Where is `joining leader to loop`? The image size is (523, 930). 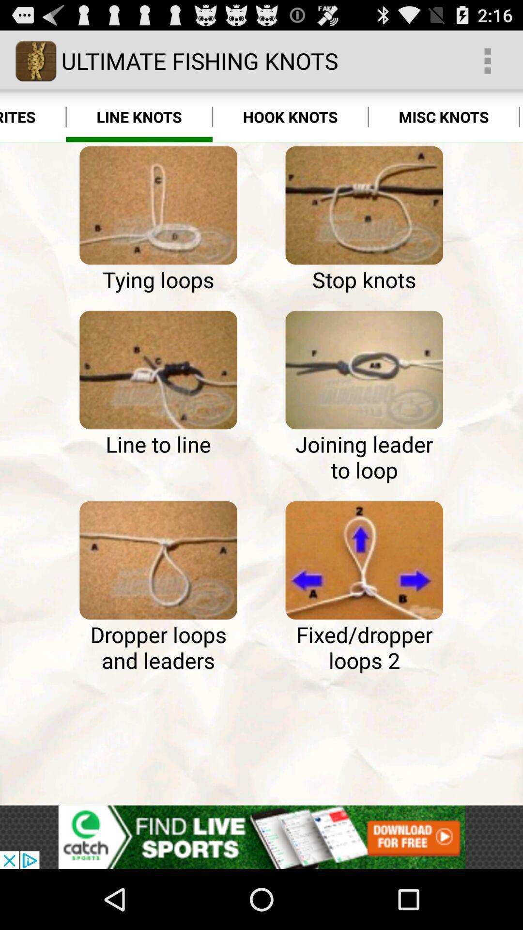
joining leader to loop is located at coordinates (364, 369).